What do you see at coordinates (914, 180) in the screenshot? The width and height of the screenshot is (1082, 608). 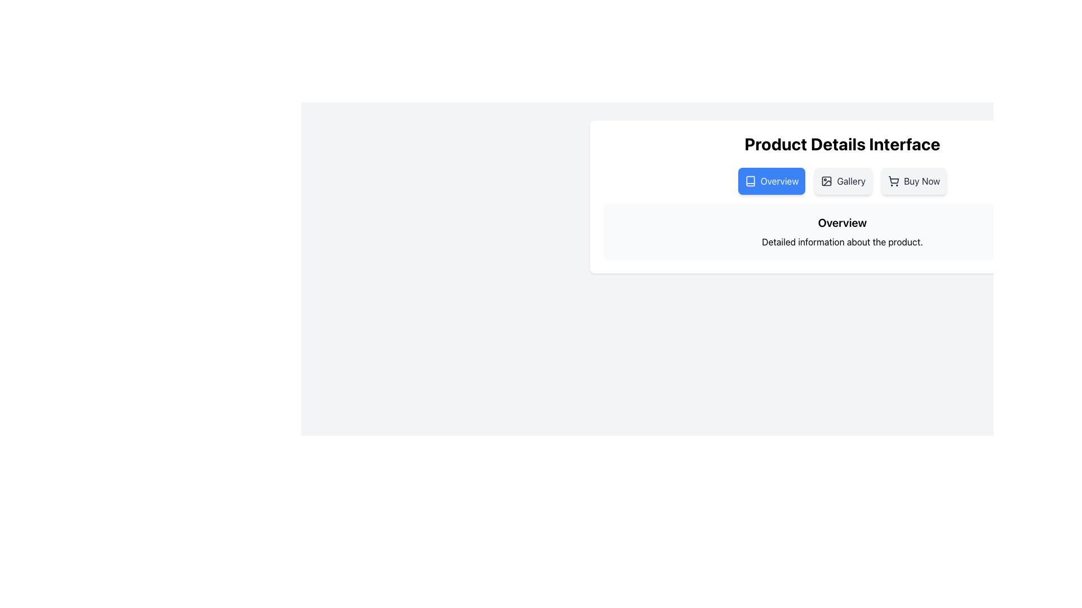 I see `the 'Buy Now' button, which is the third button in a horizontal button group` at bounding box center [914, 180].